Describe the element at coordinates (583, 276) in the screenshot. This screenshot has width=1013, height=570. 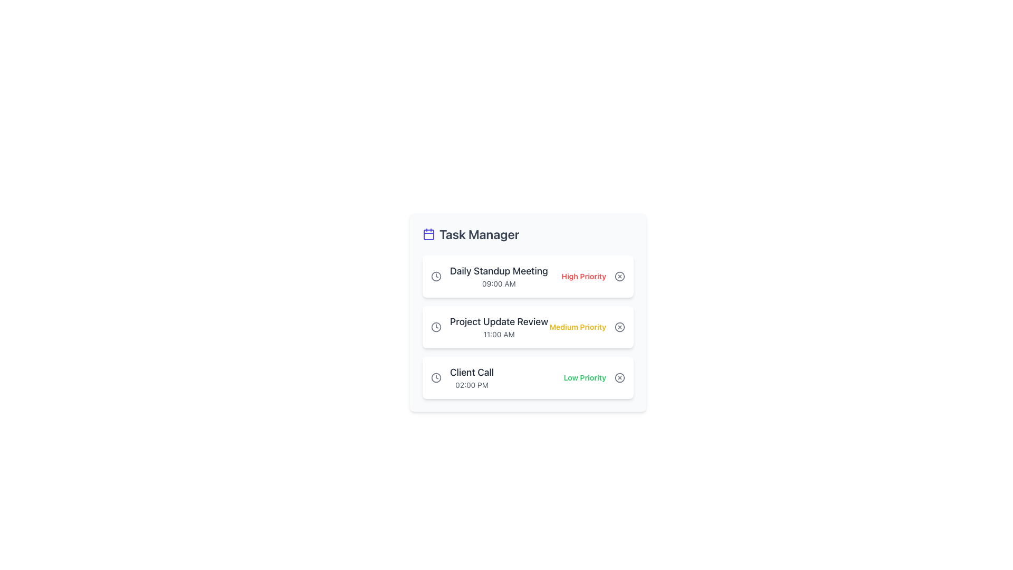
I see `the priority level label associated with the 'Daily Standup Meeting' task, located to the right of the task title and time, adjacent to a circular button icon` at that location.